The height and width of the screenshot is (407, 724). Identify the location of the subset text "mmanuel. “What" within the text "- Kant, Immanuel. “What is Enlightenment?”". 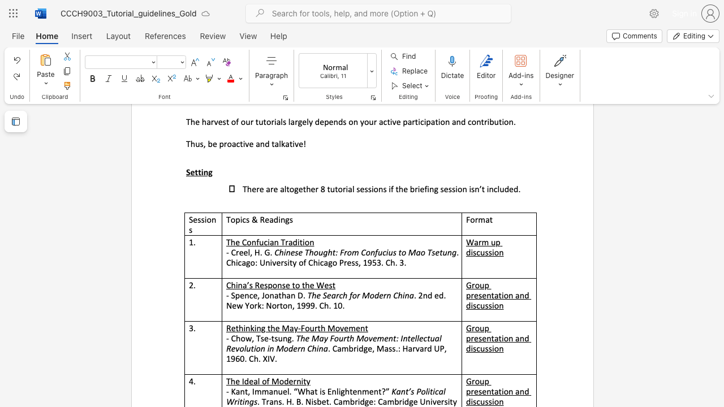
(253, 391).